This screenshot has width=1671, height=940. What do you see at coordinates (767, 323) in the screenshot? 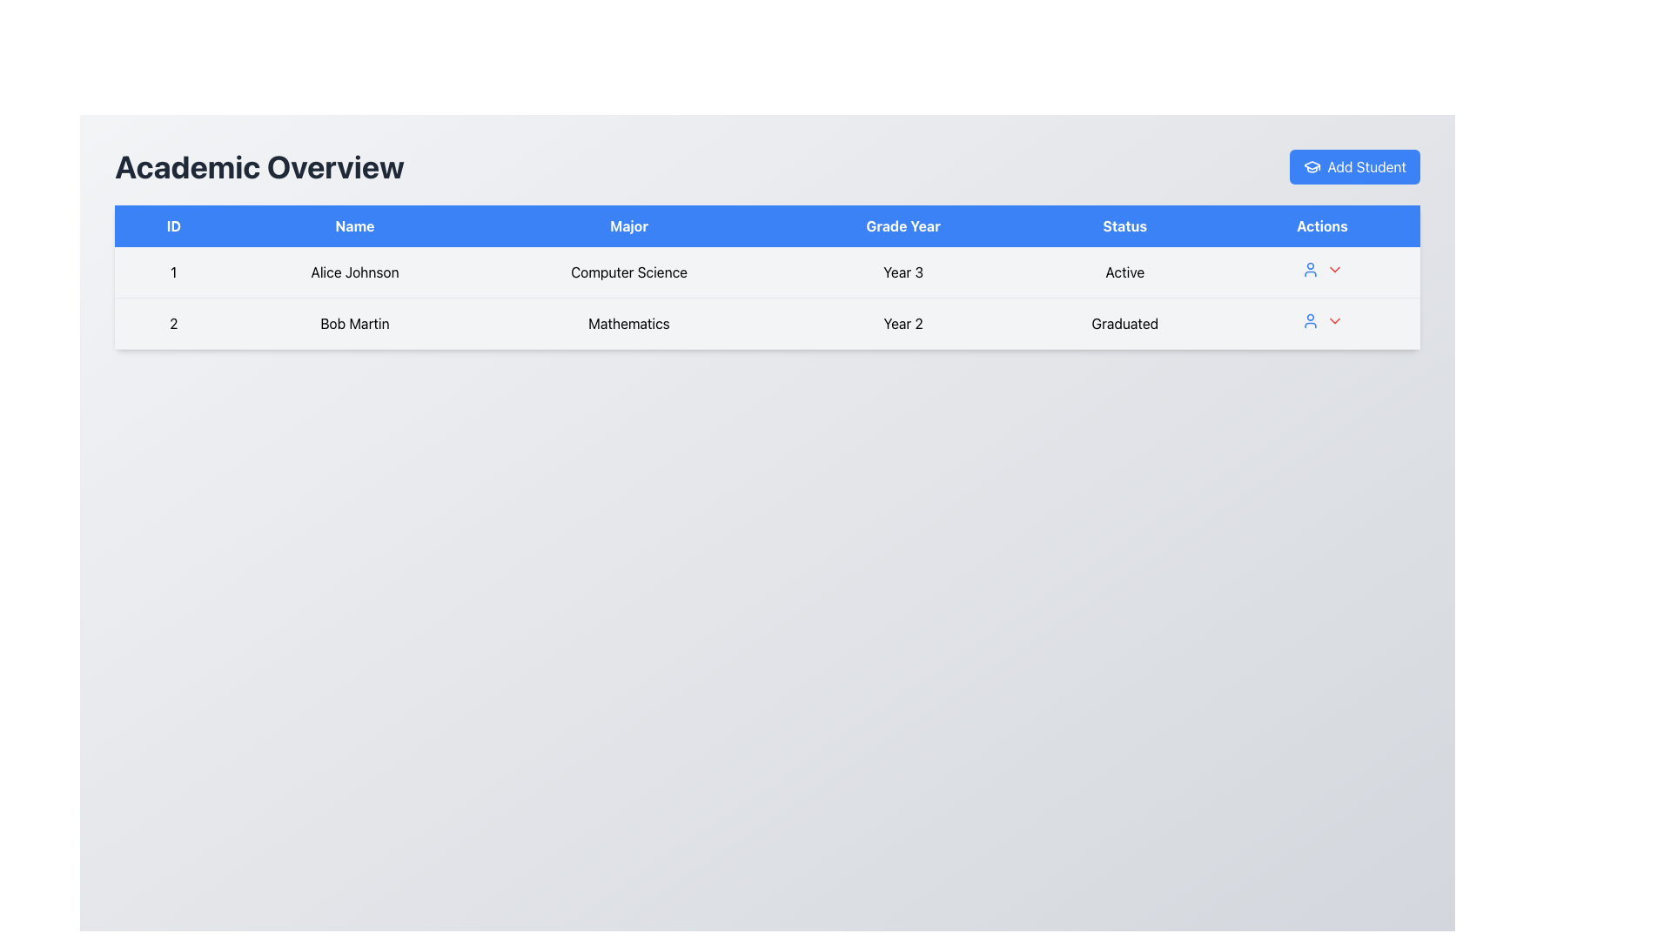
I see `details in the Tabular Row element containing ID '2', Name 'Bob Martin', Major 'Mathematics', Grade Year 'Year 2', and Status 'Graduated'` at bounding box center [767, 323].